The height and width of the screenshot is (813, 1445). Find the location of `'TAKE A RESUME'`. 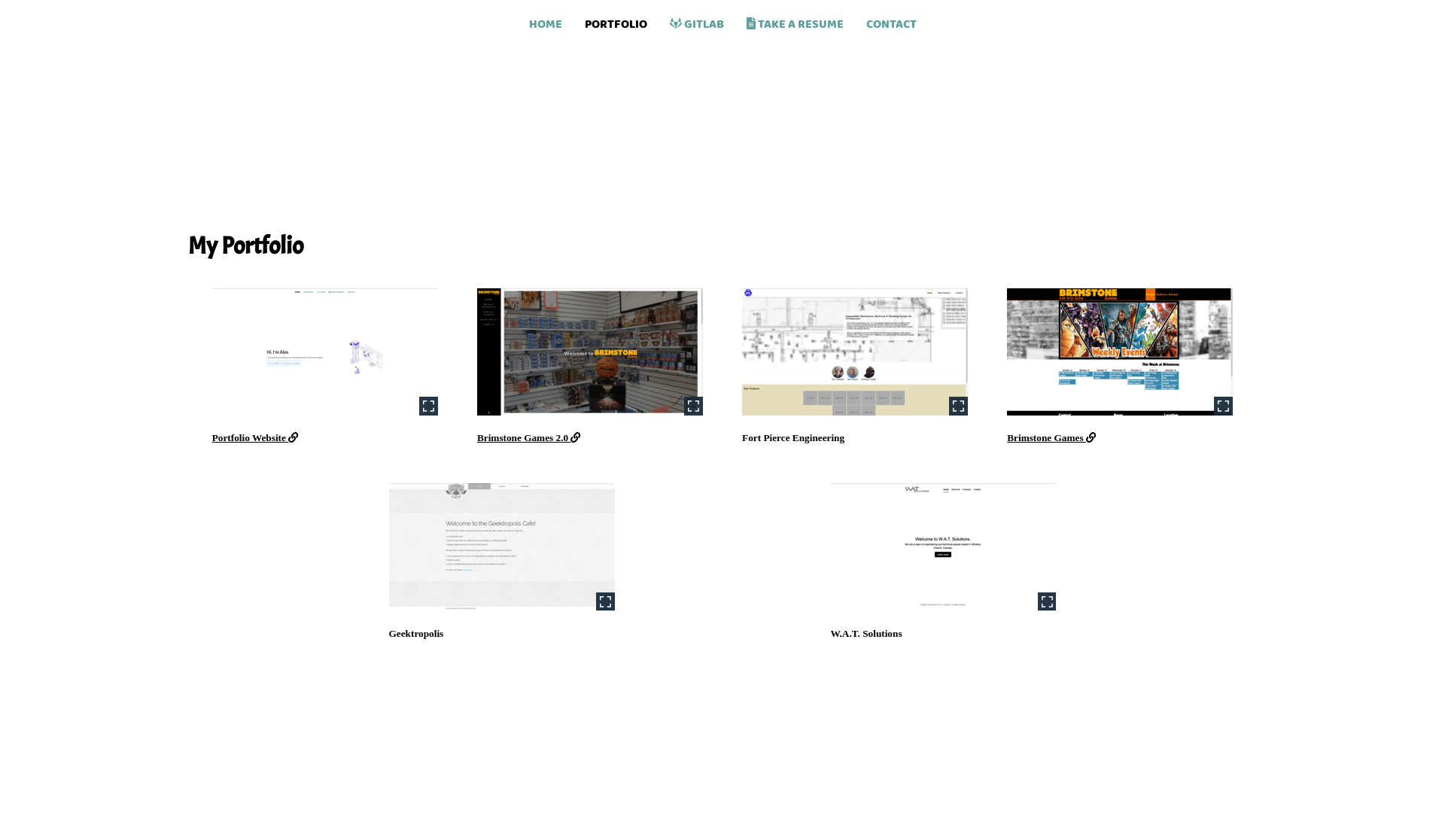

'TAKE A RESUME' is located at coordinates (793, 19).